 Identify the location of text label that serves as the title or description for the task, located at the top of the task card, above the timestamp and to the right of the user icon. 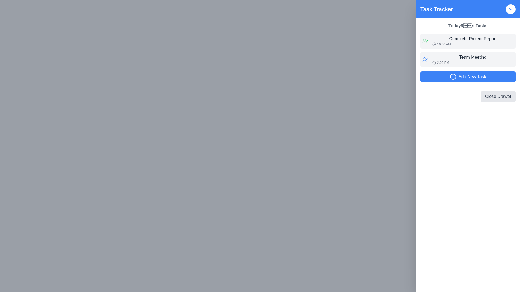
(473, 38).